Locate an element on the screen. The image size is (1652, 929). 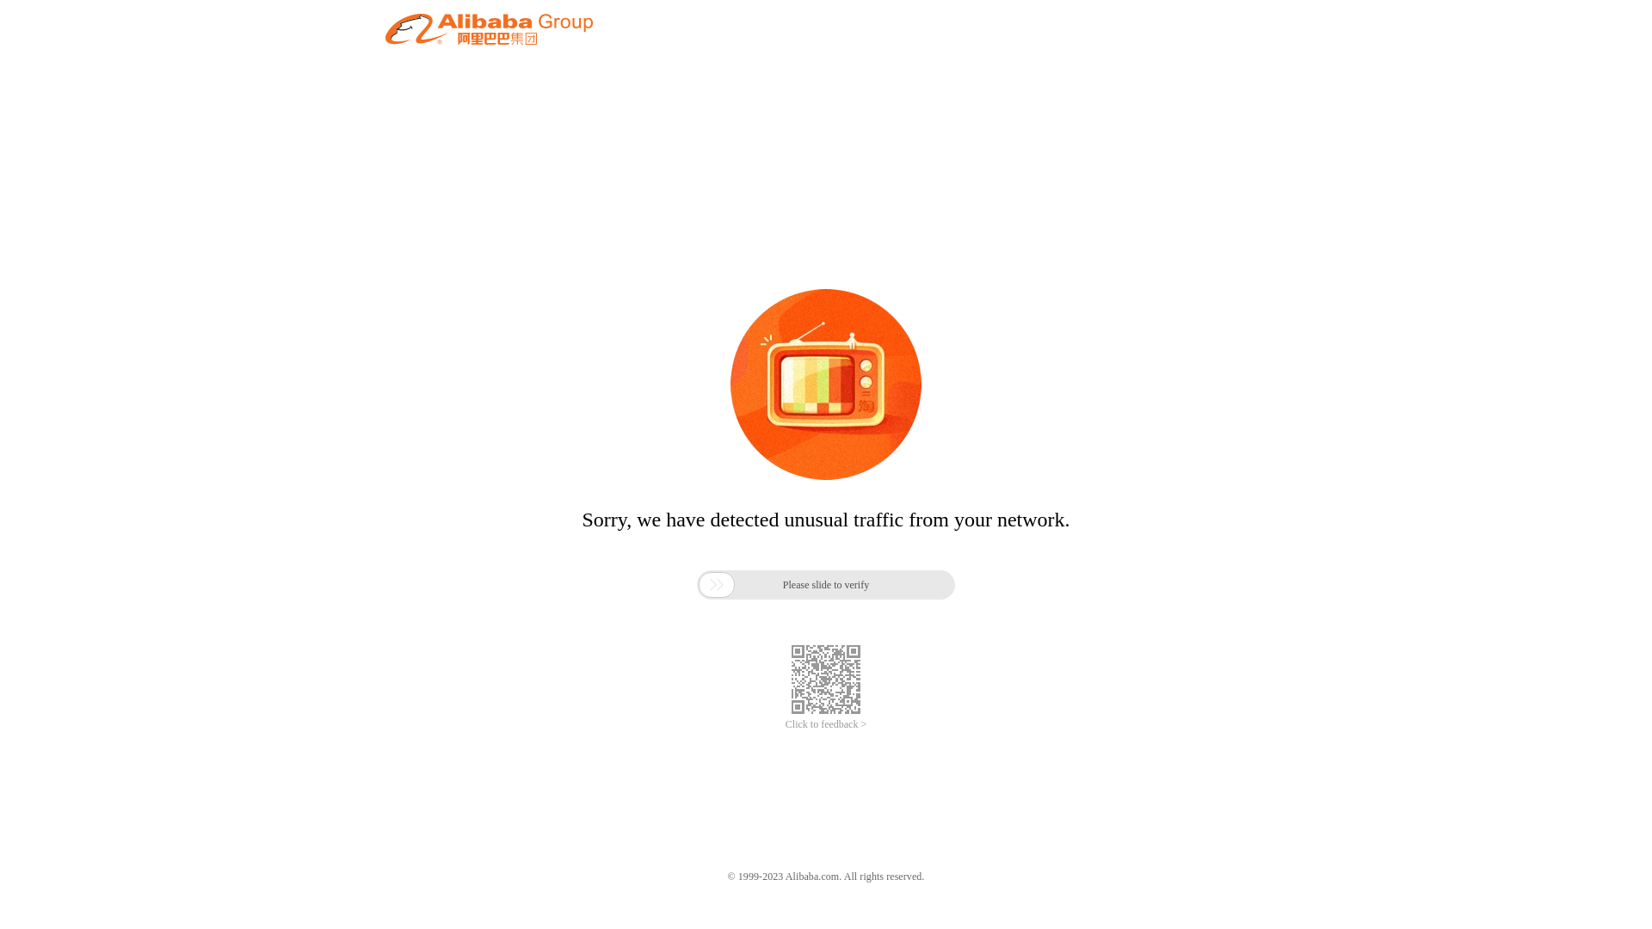
'Click to feedback >' is located at coordinates (784, 724).